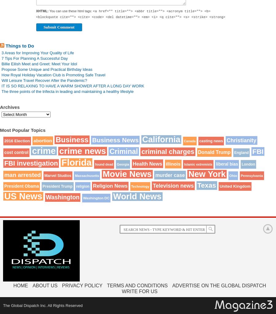  Describe the element at coordinates (123, 164) in the screenshot. I see `'Georgia'` at that location.